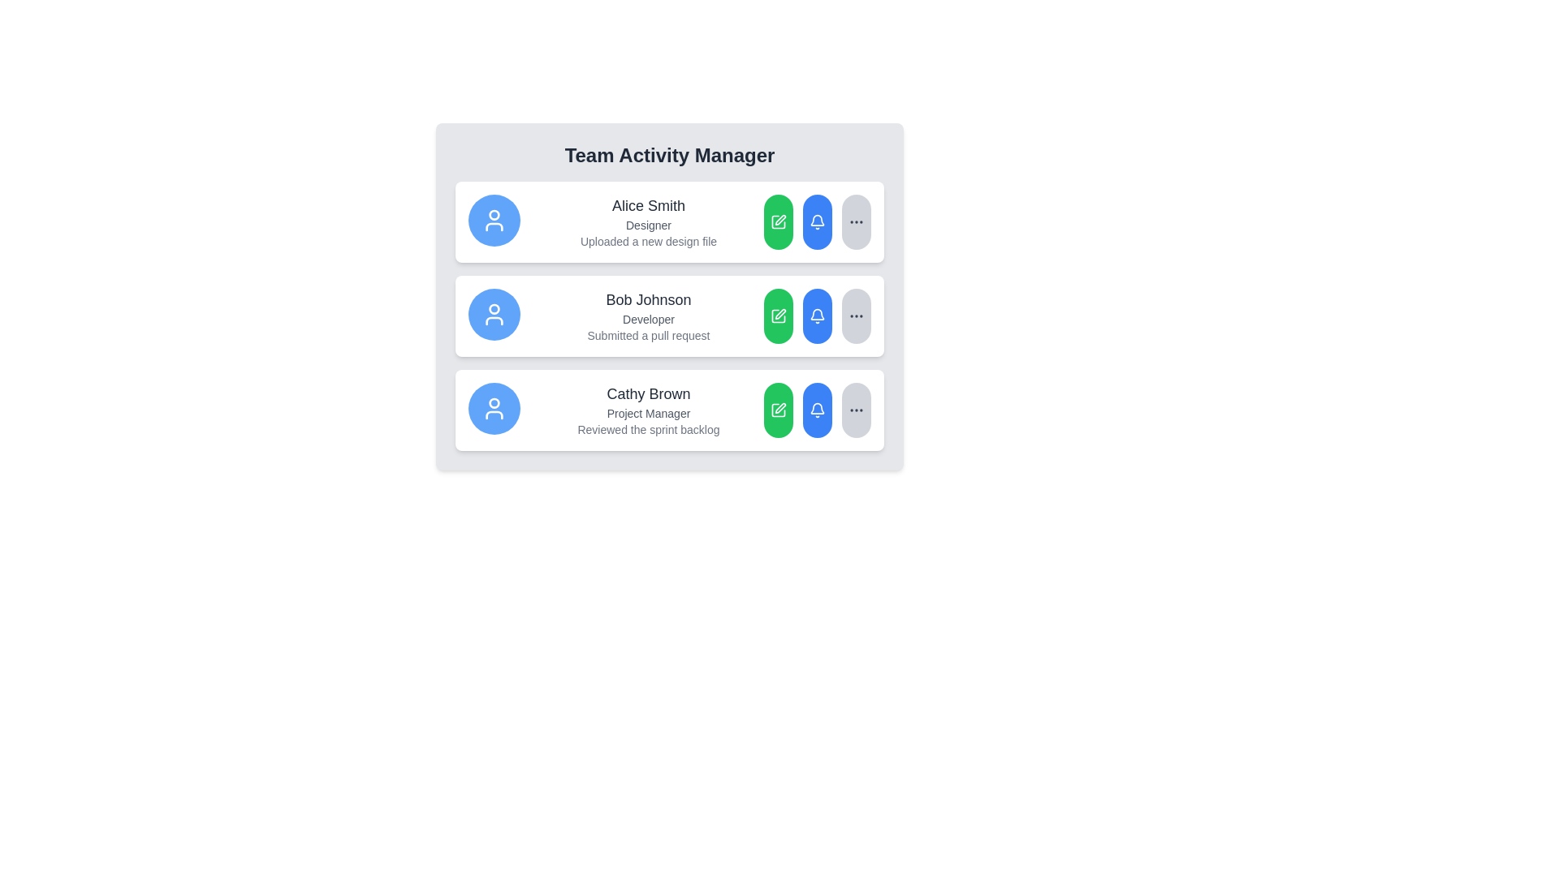 The height and width of the screenshot is (876, 1559). I want to click on the second icon in the group of three action icons associated with the user entry labeled 'Cathy Brown', so click(778, 409).